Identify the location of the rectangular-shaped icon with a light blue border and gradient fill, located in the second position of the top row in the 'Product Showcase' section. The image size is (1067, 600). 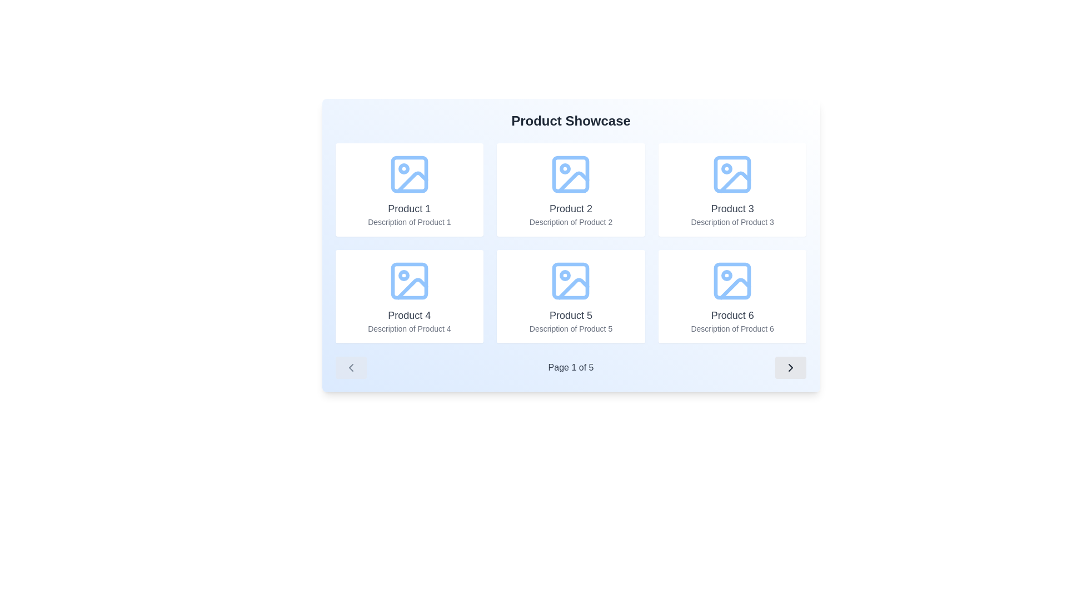
(571, 174).